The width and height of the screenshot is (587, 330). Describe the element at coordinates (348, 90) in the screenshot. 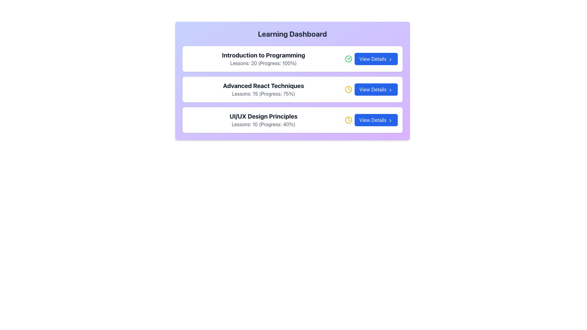

I see `the clock icon located to the left of the 'View Details' button in the 'Advanced React Techniques' course card` at that location.